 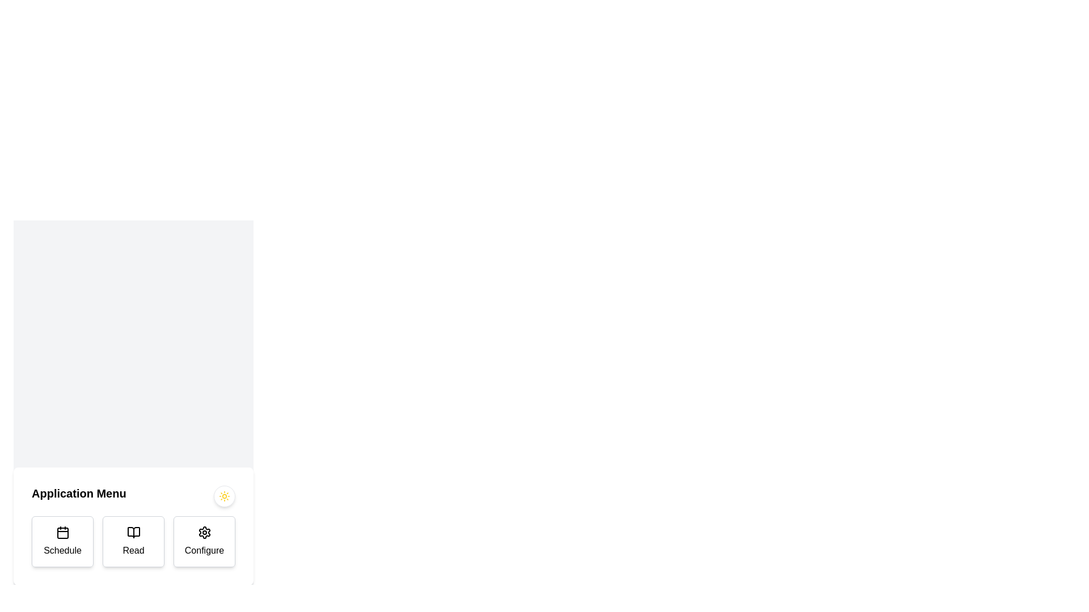 I want to click on text of the 'Schedule' label which is part of the button group located in the lower-left section of the interface, so click(x=62, y=550).